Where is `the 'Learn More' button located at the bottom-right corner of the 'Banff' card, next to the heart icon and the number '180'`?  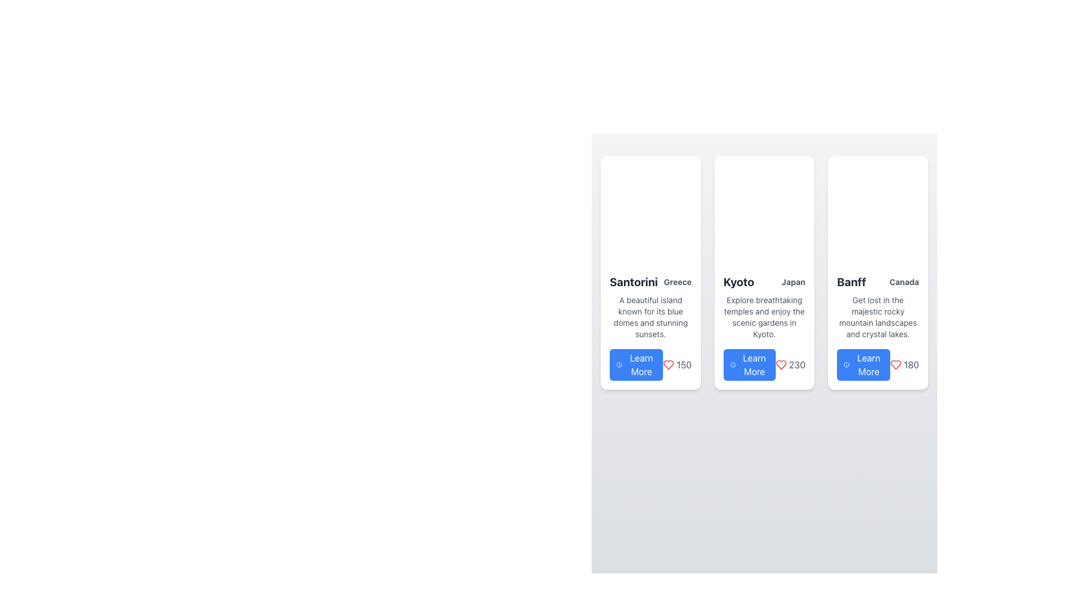
the 'Learn More' button located at the bottom-right corner of the 'Banff' card, next to the heart icon and the number '180' is located at coordinates (877, 365).